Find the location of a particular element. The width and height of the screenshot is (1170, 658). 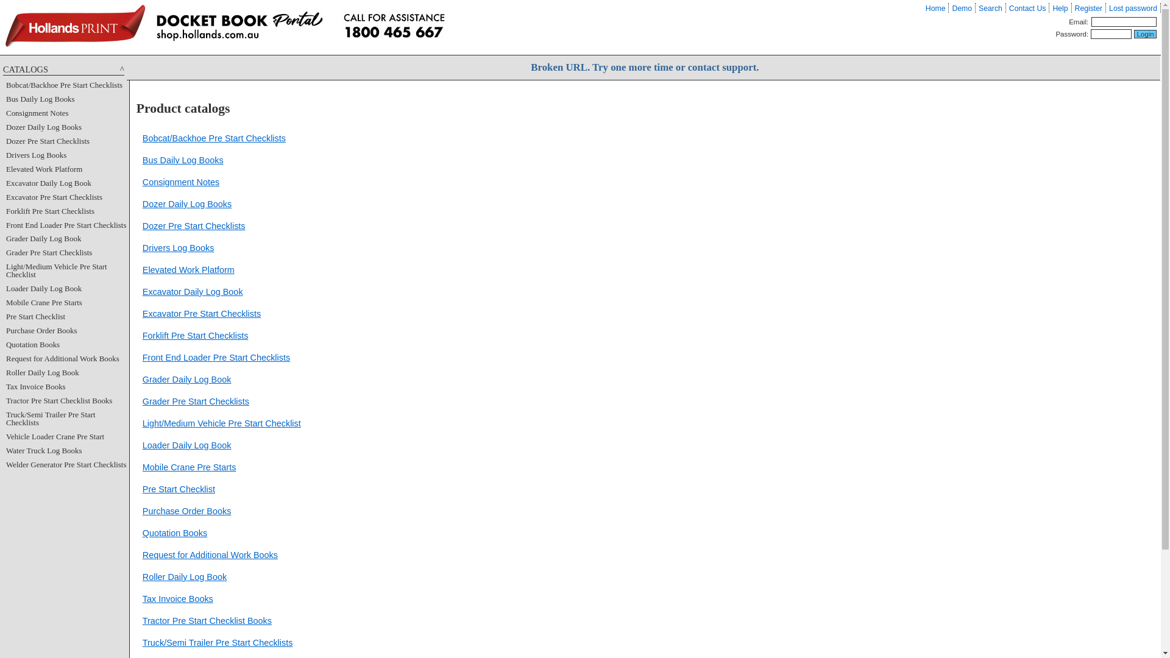

'Search' is located at coordinates (979, 9).